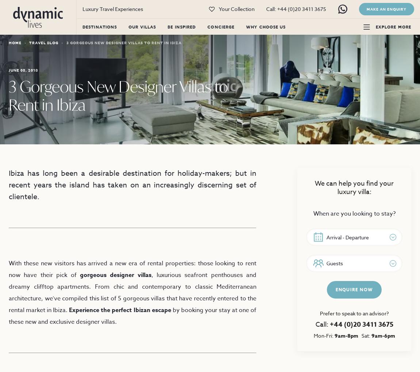 This screenshot has width=420, height=372. Describe the element at coordinates (133, 269) in the screenshot. I see `'With these new visitors has arrived a new era of rental properties: those looking to rent now have their pick of'` at that location.